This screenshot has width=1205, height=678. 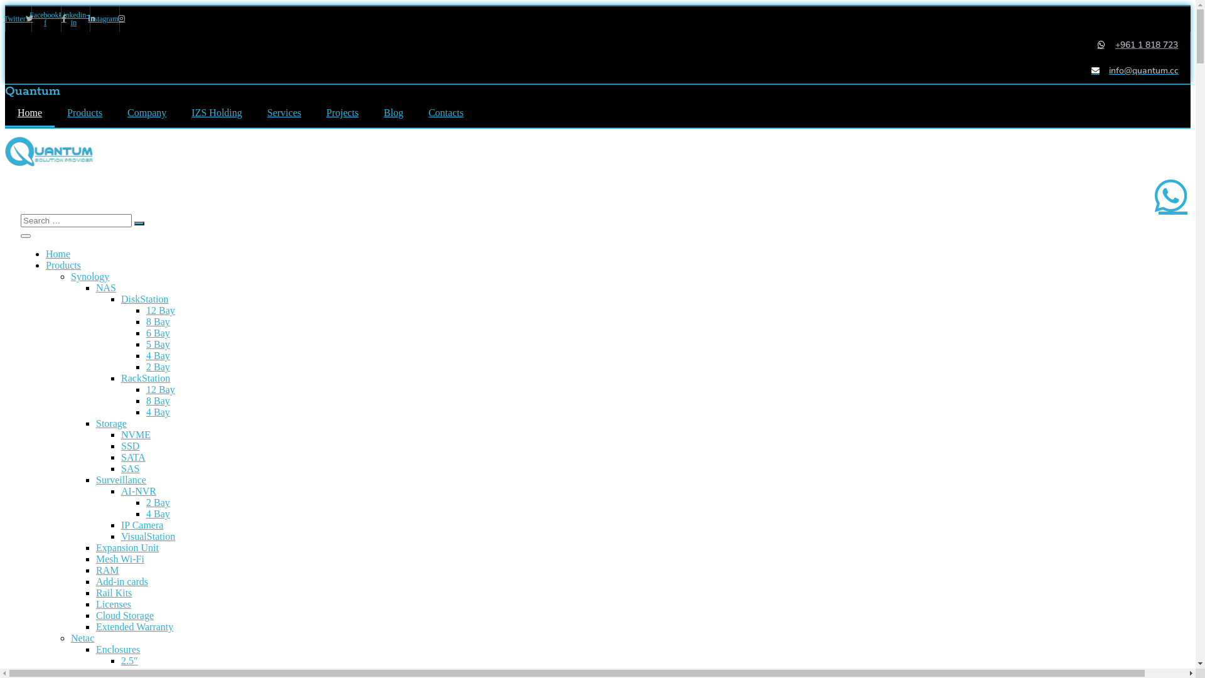 What do you see at coordinates (130, 445) in the screenshot?
I see `'SSD'` at bounding box center [130, 445].